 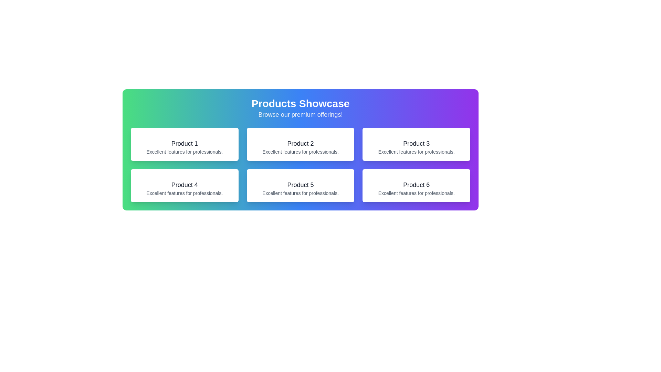 I want to click on the static text block displaying 'Excellent features for professionals.' located under the title 'Product 1' in the first product card, so click(x=185, y=151).